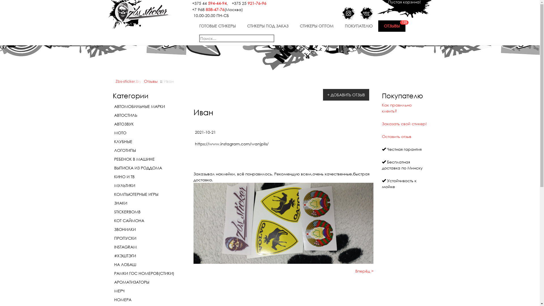 The width and height of the screenshot is (544, 306). Describe the element at coordinates (247, 3) in the screenshot. I see `'+375 25 921-76-96'` at that location.